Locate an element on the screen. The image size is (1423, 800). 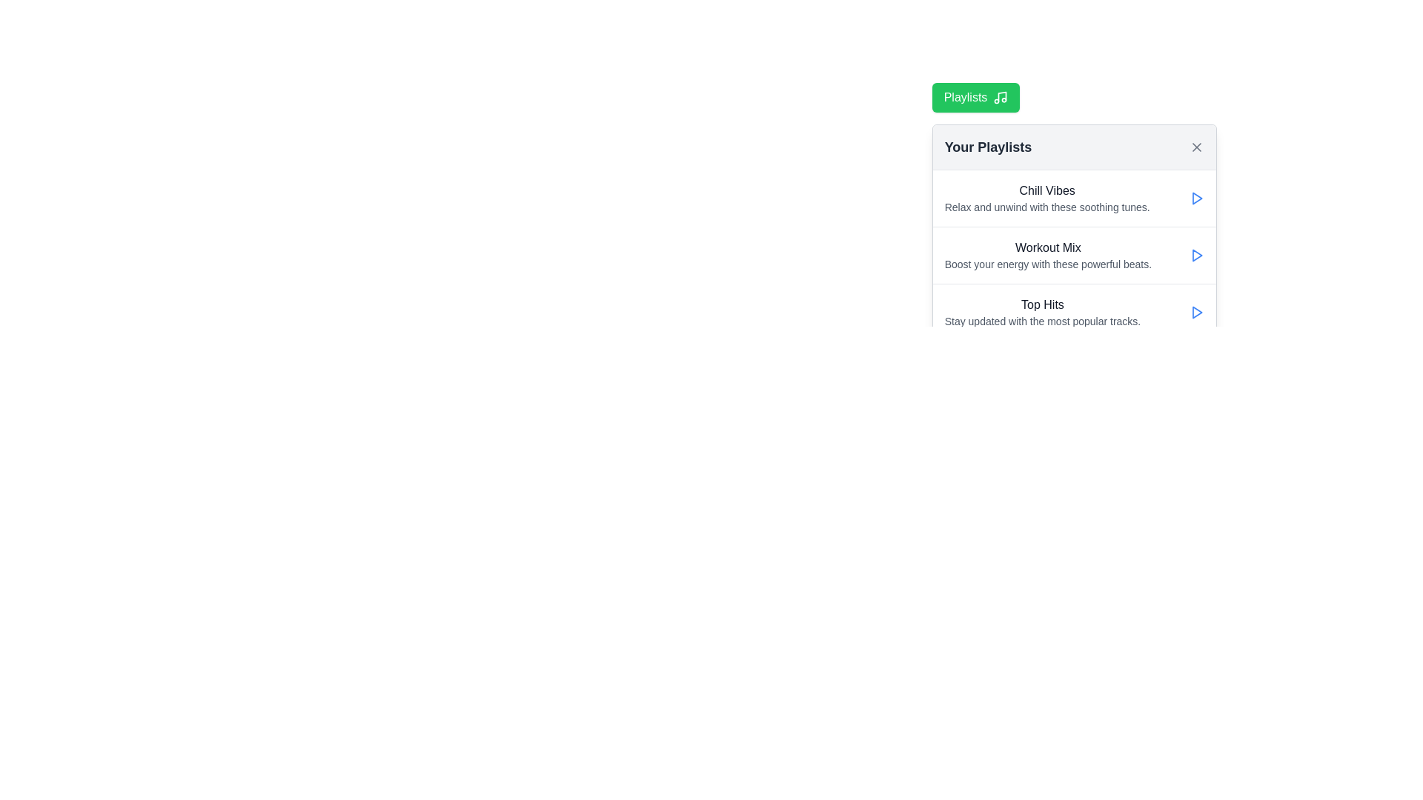
the blue triangular play icon located at the far-right end of the 'Top Hits' section in the playlist panel is located at coordinates (1196, 311).